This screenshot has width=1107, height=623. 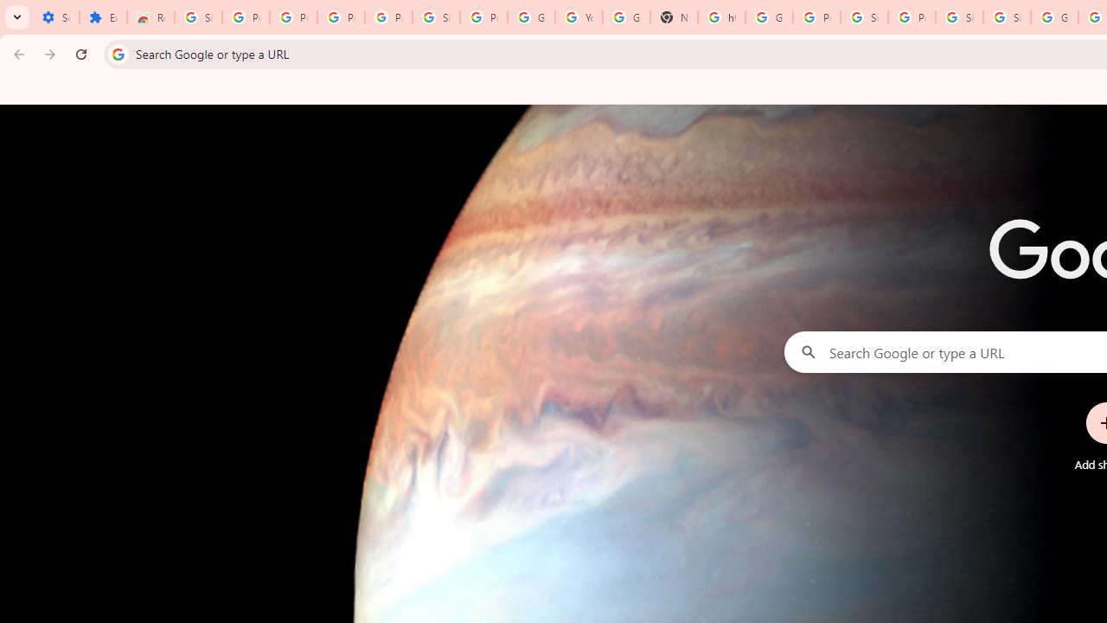 I want to click on 'https://scholar.google.com/', so click(x=720, y=17).